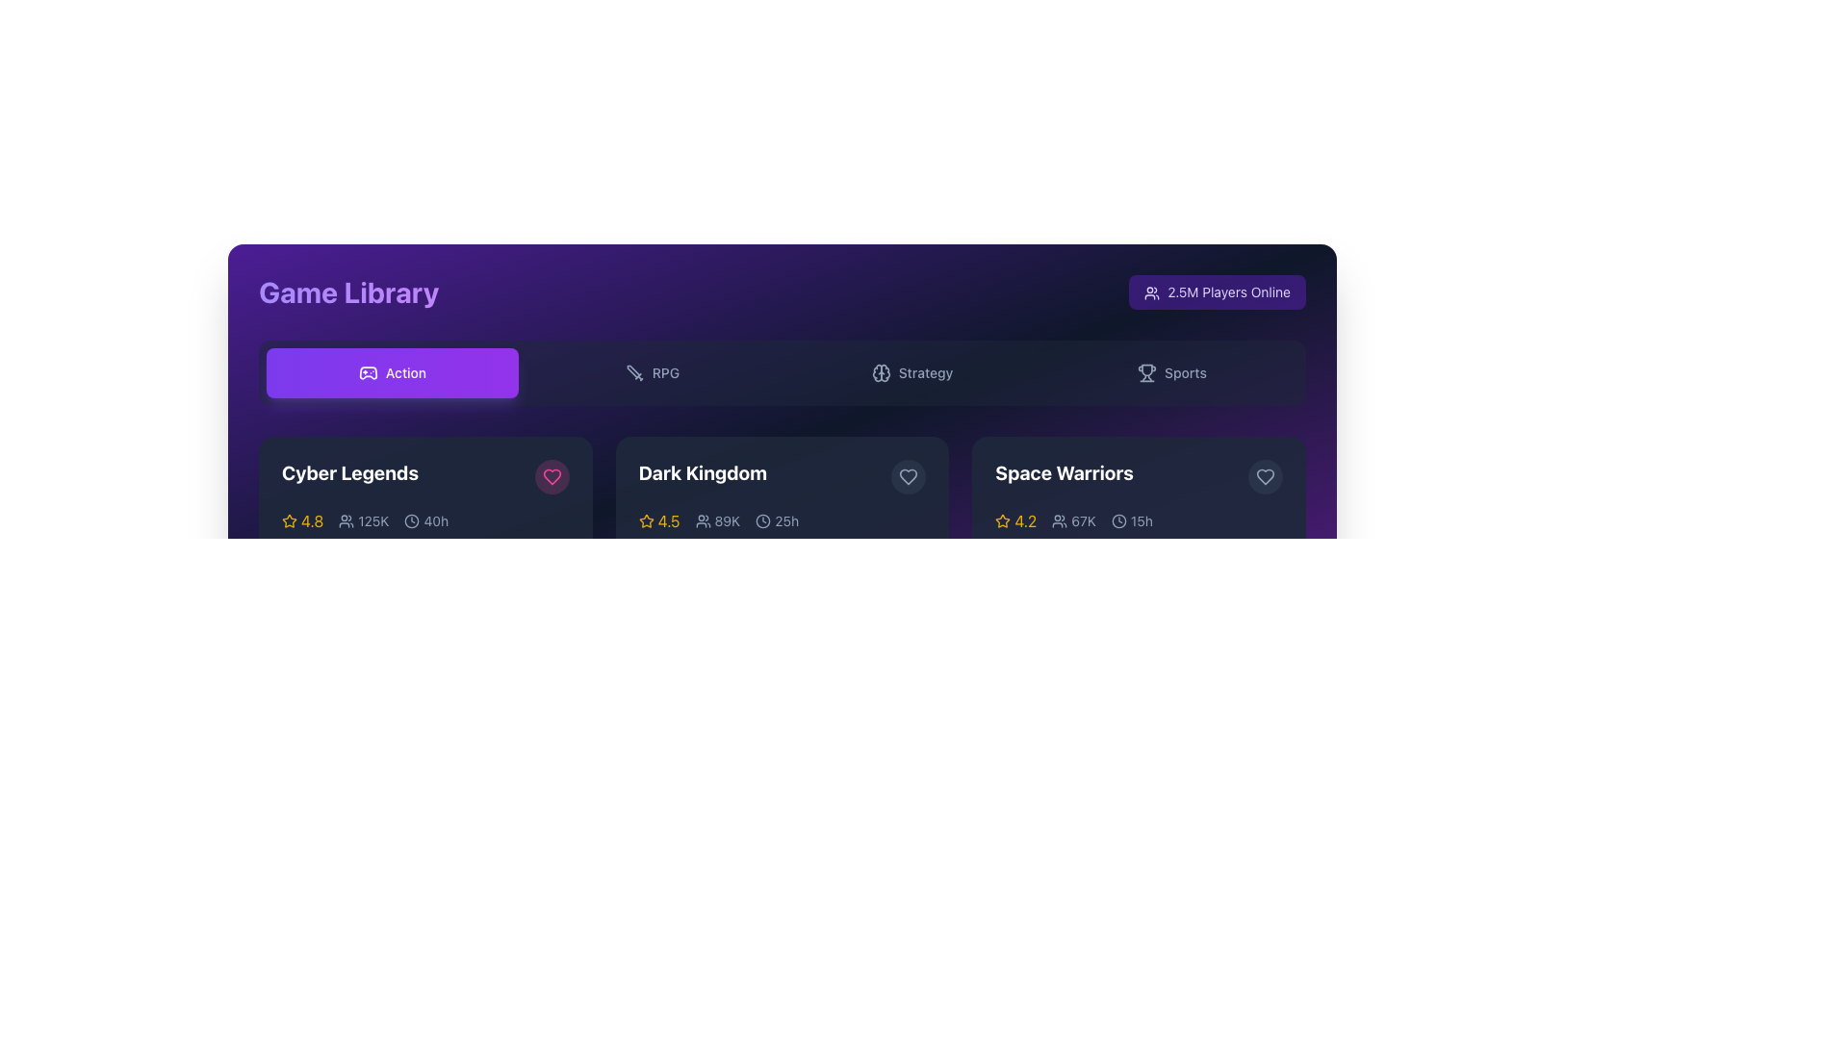 The width and height of the screenshot is (1848, 1039). I want to click on the star-shaped icon with a yellow border, which is located to the left of the rating number '4.8' within the 'Cyber Legends' game card, so click(289, 520).